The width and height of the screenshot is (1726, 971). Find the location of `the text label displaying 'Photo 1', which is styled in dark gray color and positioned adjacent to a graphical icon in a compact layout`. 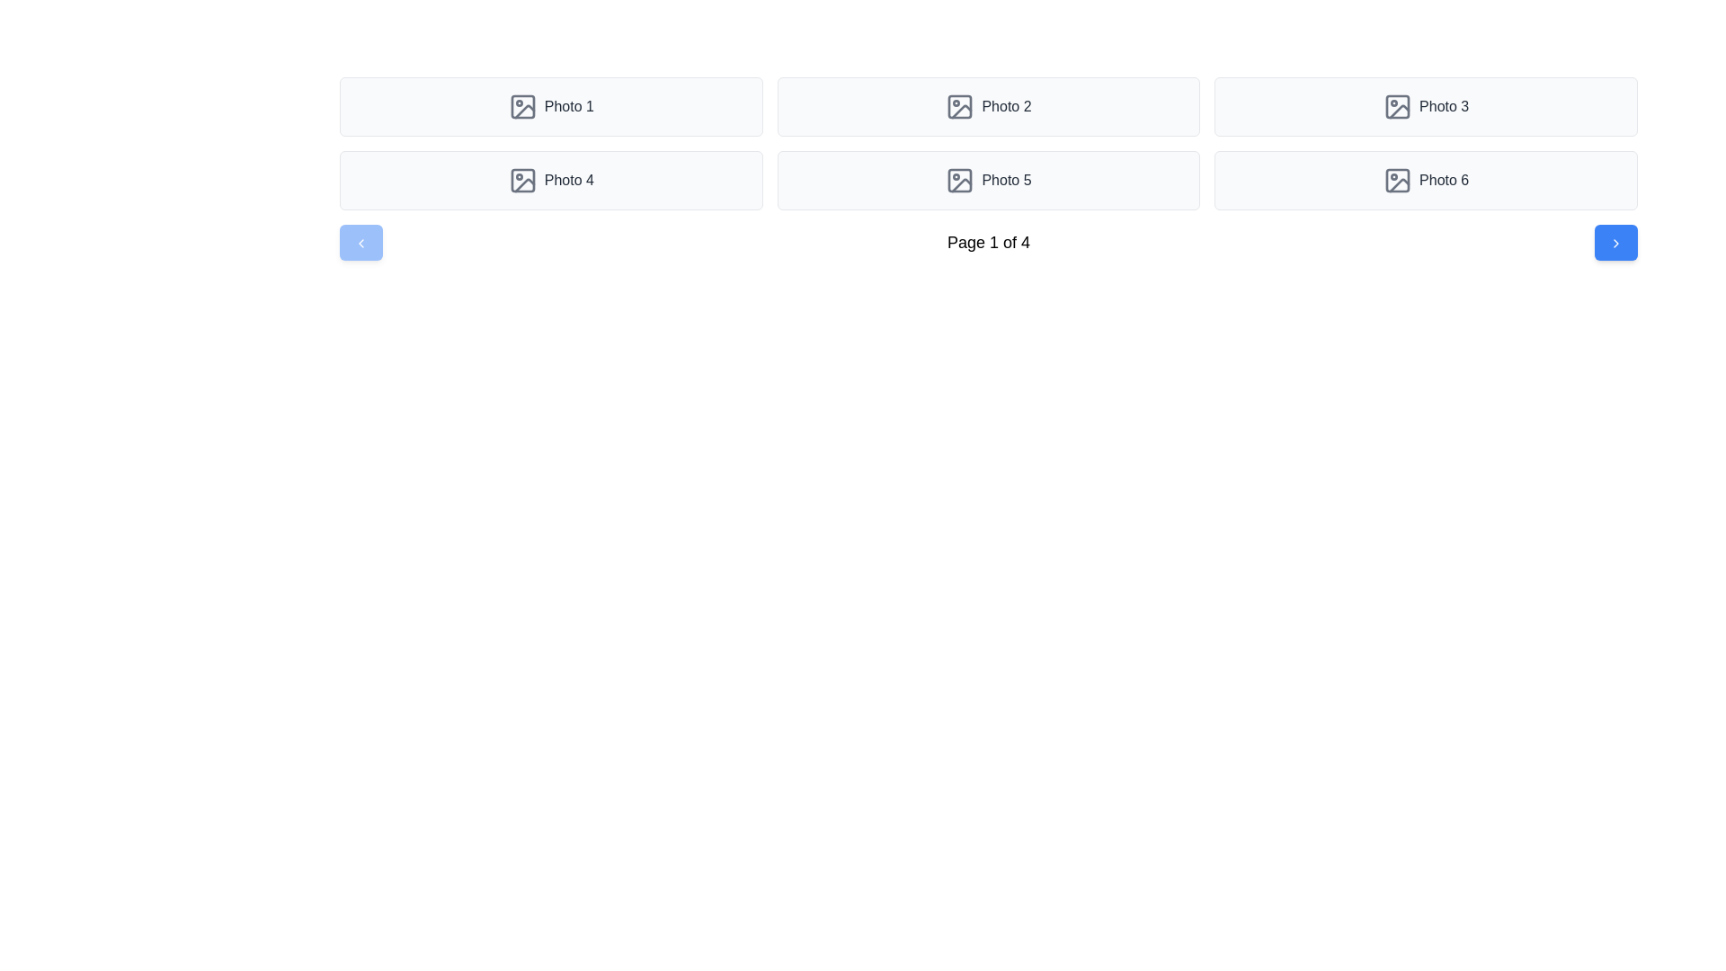

the text label displaying 'Photo 1', which is styled in dark gray color and positioned adjacent to a graphical icon in a compact layout is located at coordinates (568, 107).